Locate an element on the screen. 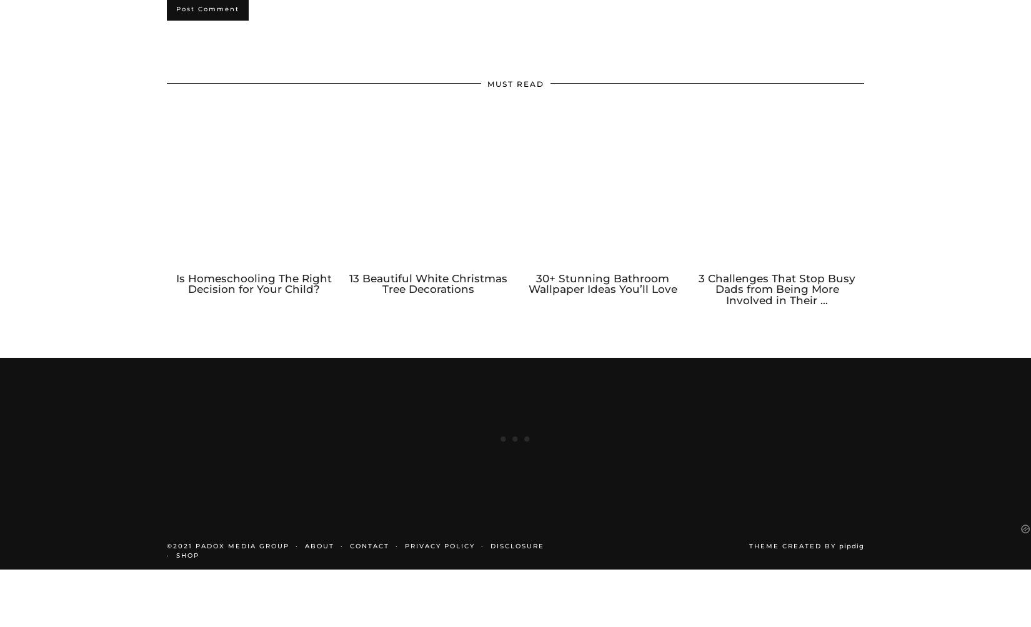  'PRIVACY POLICY' is located at coordinates (439, 558).